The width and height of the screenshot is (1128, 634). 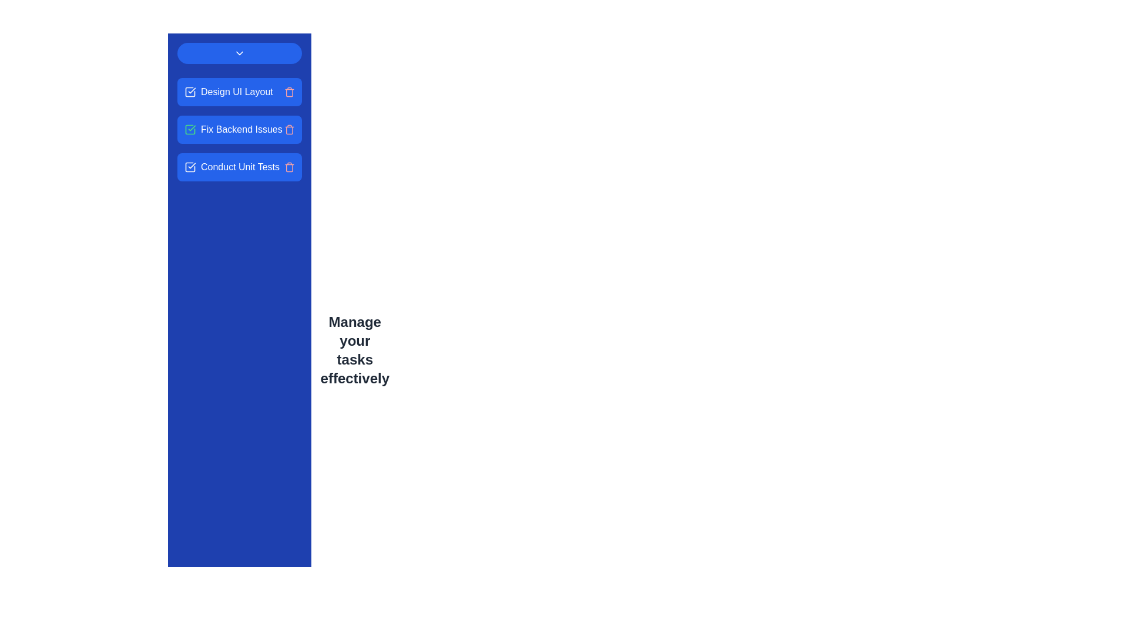 I want to click on the Checkbox indicator with a green checkmark that signifies the completion status of the task labeled 'Fix Backend Issues', so click(x=190, y=129).